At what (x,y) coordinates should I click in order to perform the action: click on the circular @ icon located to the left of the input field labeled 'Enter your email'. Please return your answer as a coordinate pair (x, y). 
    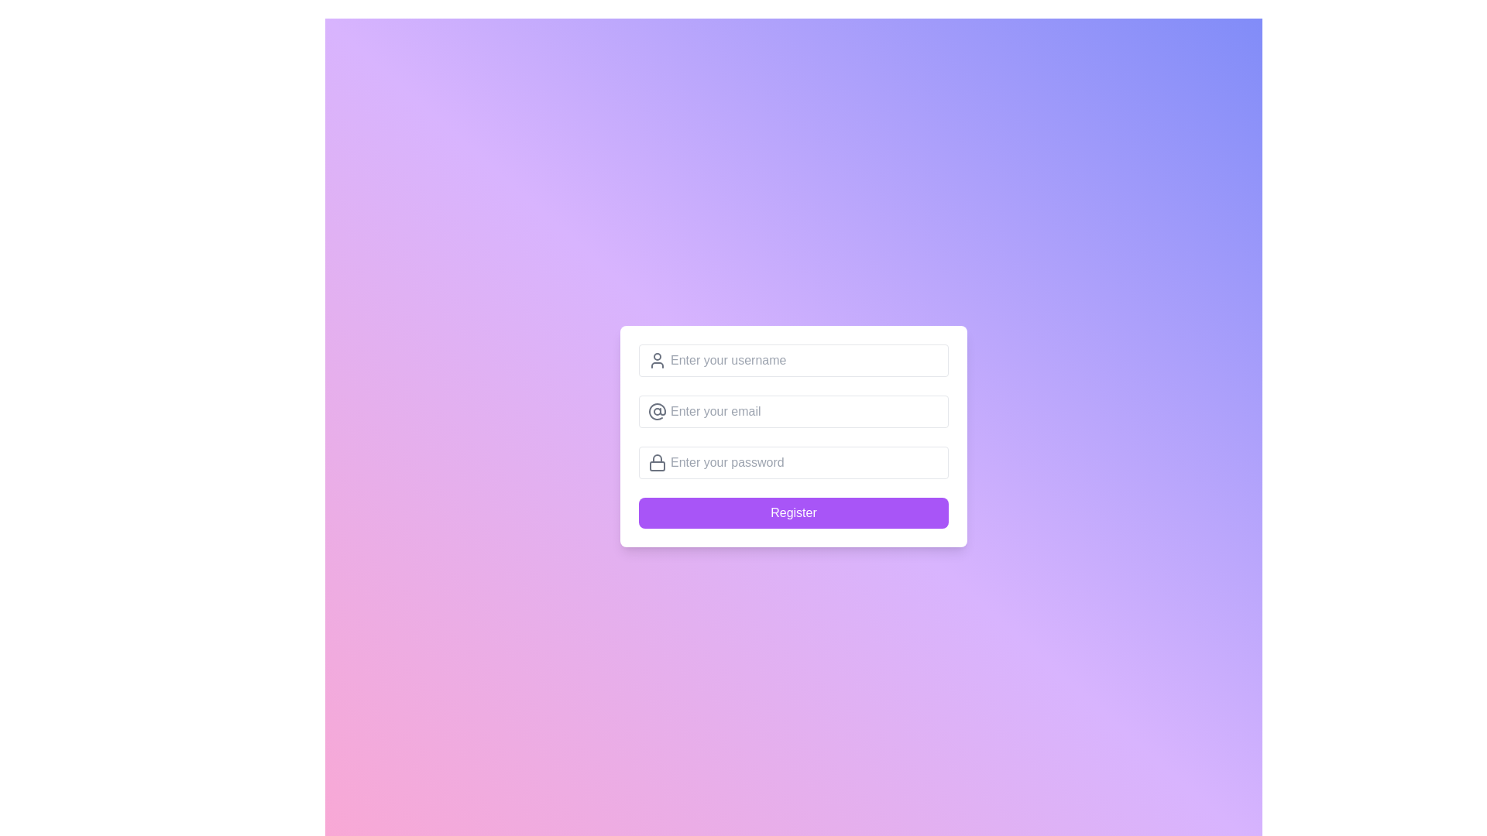
    Looking at the image, I should click on (658, 411).